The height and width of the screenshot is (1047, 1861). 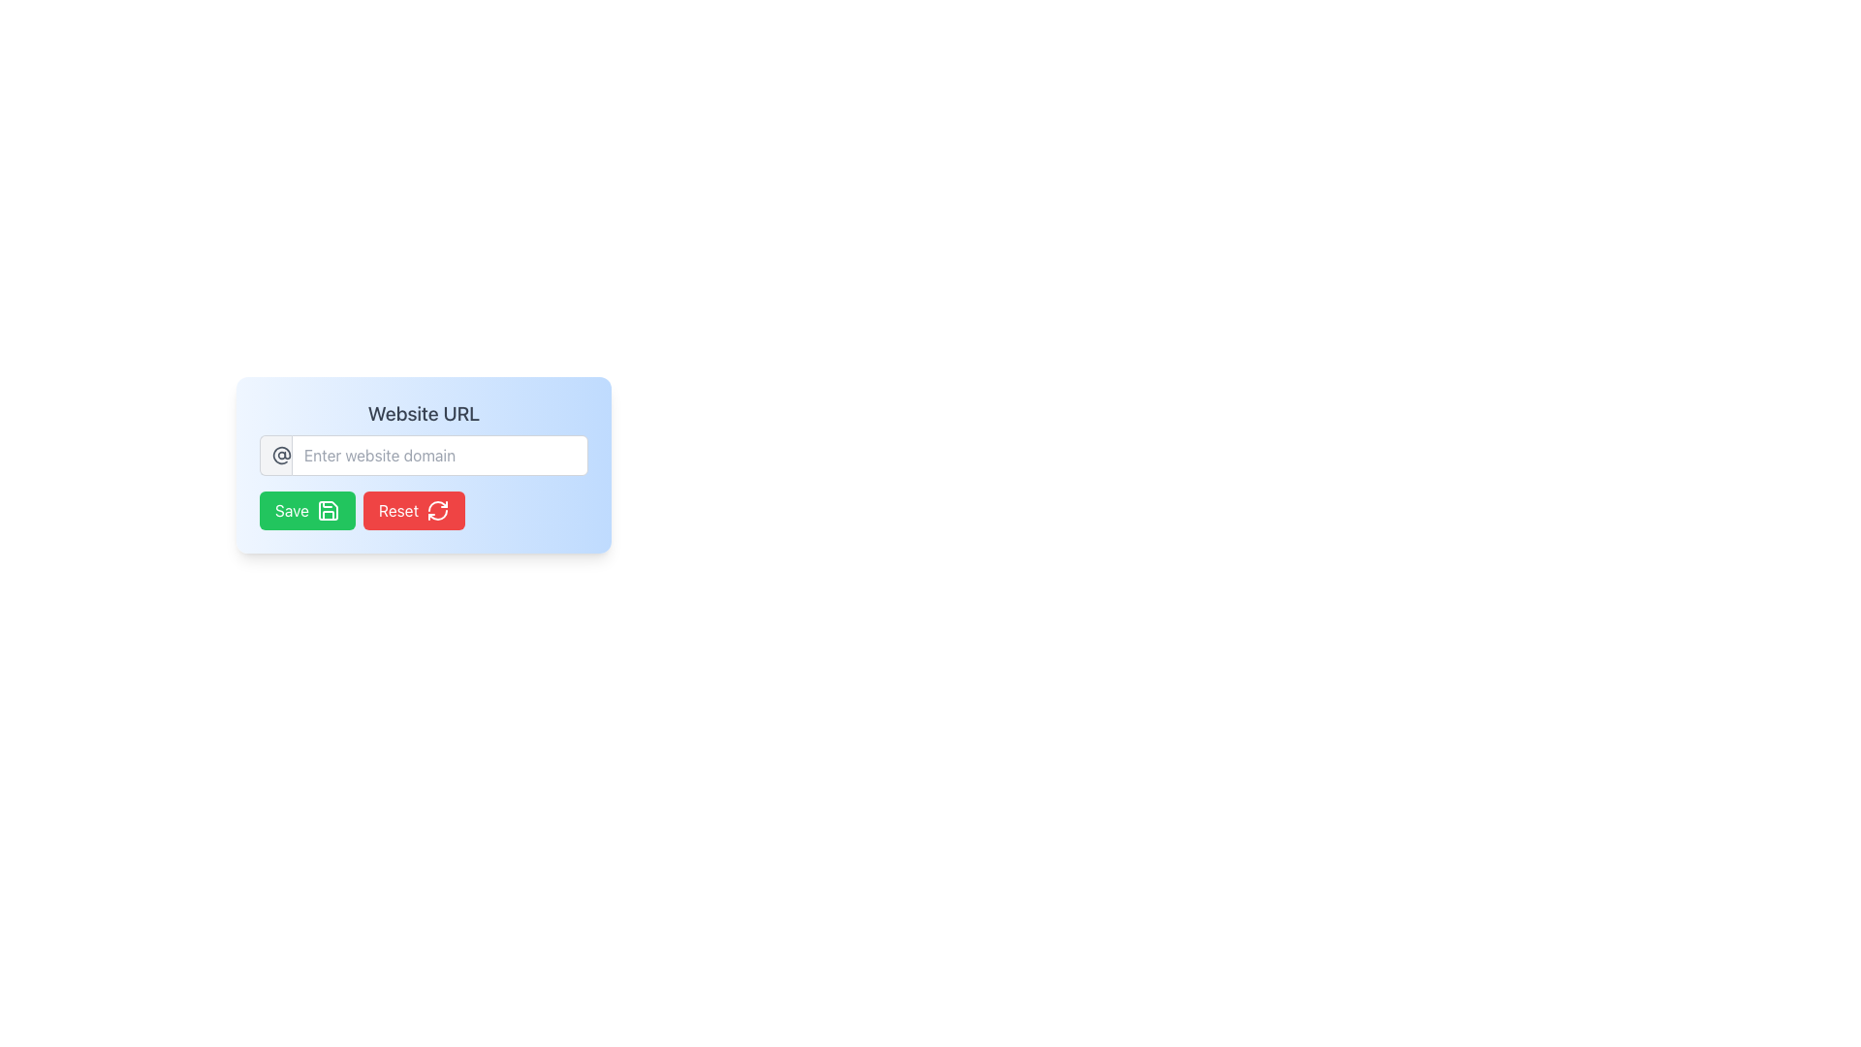 I want to click on the text label reading 'Website URL' which is styled in large gray font and positioned above the input box in the form layout, so click(x=423, y=413).